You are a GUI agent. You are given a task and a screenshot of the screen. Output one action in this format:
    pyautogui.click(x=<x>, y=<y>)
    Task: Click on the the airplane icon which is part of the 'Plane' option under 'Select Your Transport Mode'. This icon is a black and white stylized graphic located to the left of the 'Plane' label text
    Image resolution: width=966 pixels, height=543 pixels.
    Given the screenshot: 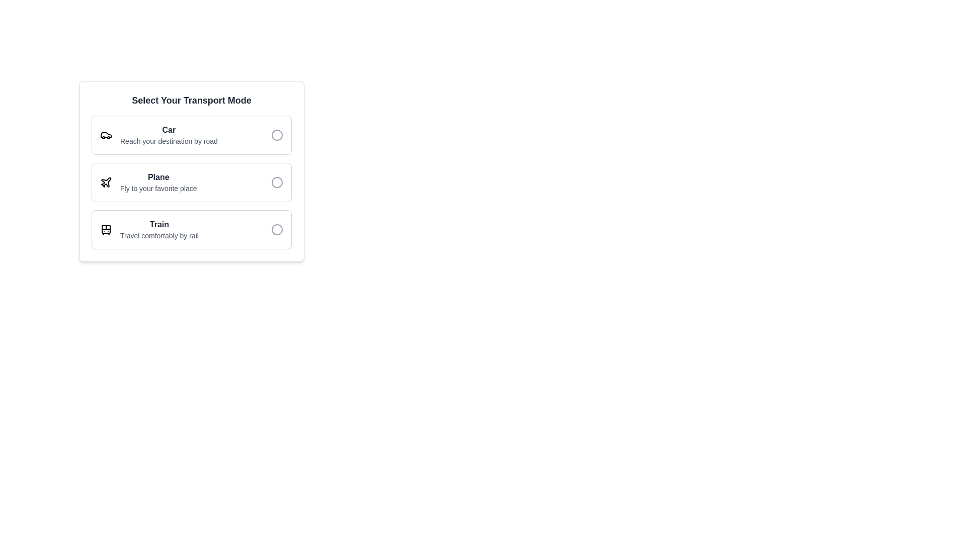 What is the action you would take?
    pyautogui.click(x=106, y=182)
    